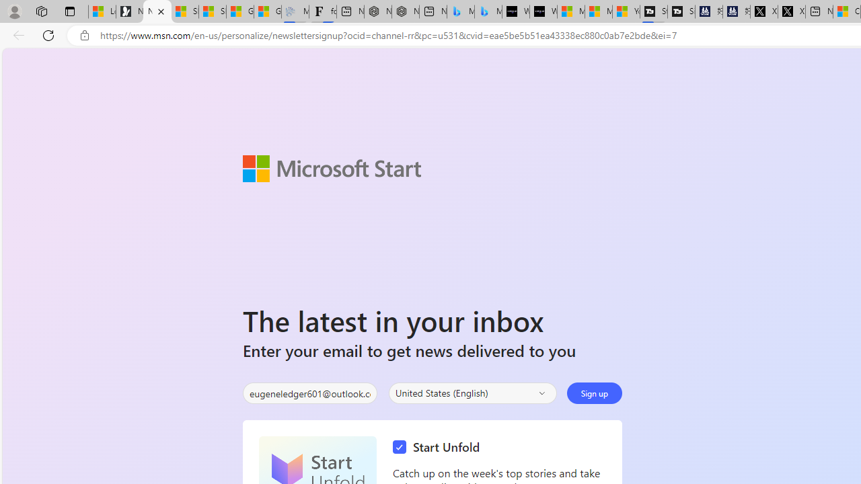 The height and width of the screenshot is (484, 861). What do you see at coordinates (488, 11) in the screenshot?
I see `'Microsoft Bing Travel - Shangri-La Hotel Bangkok'` at bounding box center [488, 11].